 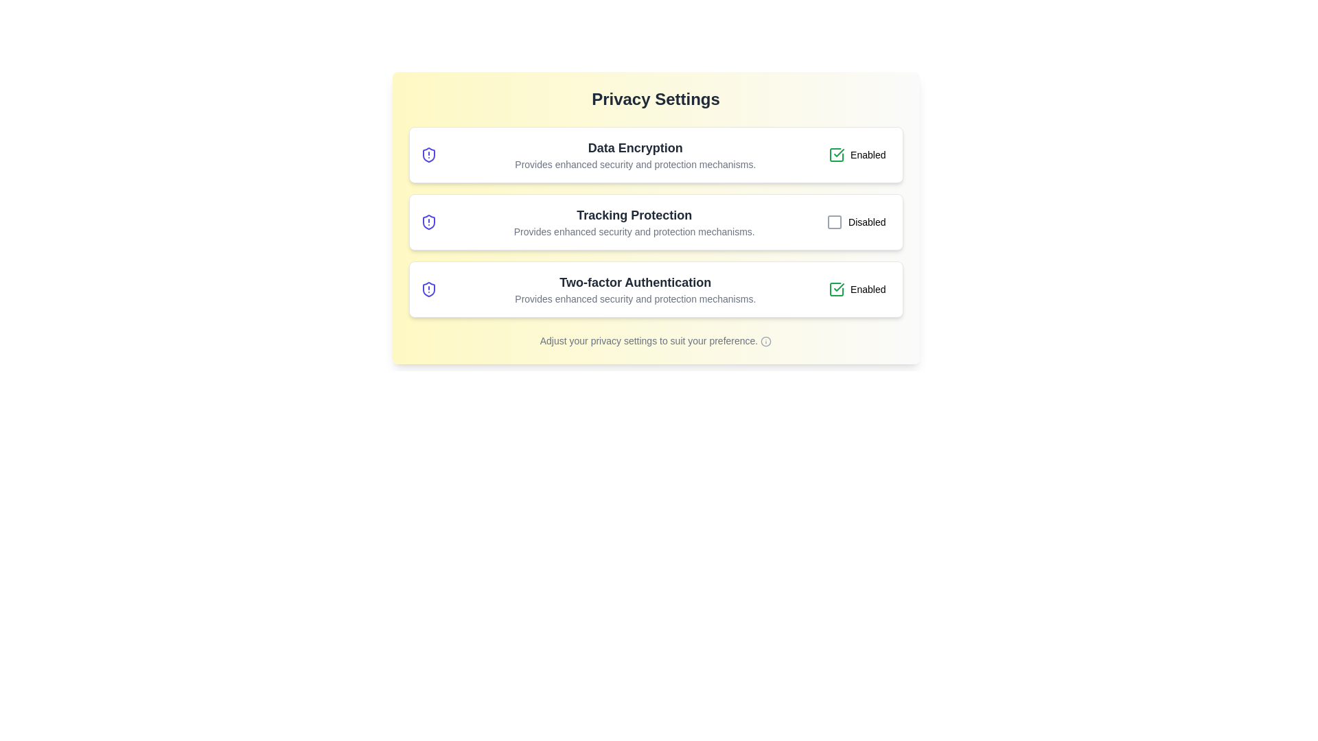 What do you see at coordinates (867, 288) in the screenshot?
I see `the text label displaying 'Enabled', which is located next to a green checkmark icon in the settings list` at bounding box center [867, 288].